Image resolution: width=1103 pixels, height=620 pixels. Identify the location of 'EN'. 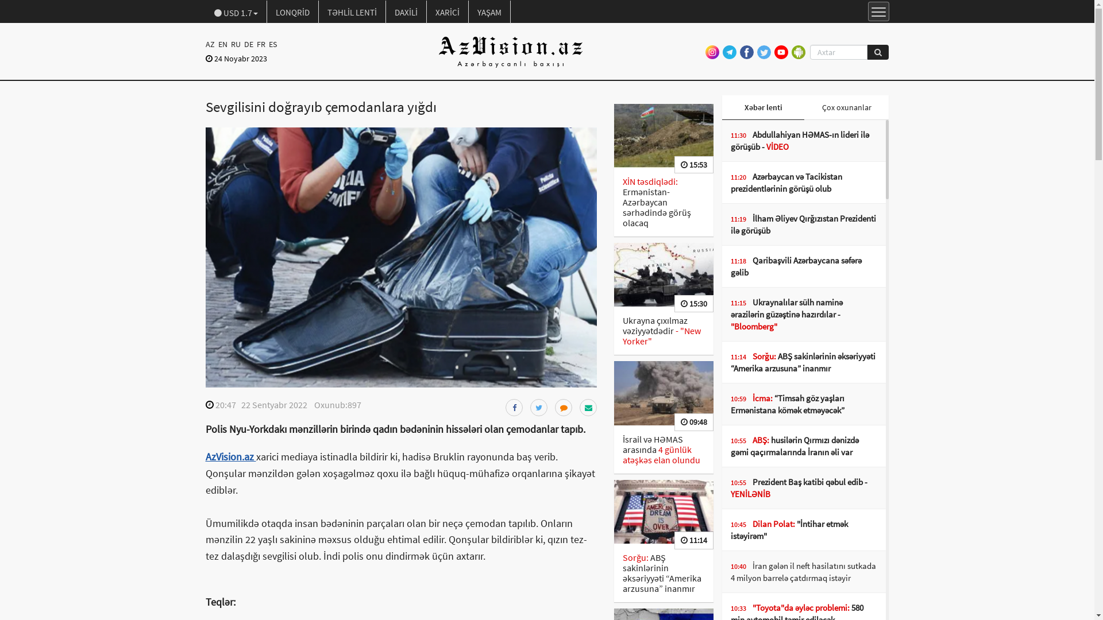
(215, 44).